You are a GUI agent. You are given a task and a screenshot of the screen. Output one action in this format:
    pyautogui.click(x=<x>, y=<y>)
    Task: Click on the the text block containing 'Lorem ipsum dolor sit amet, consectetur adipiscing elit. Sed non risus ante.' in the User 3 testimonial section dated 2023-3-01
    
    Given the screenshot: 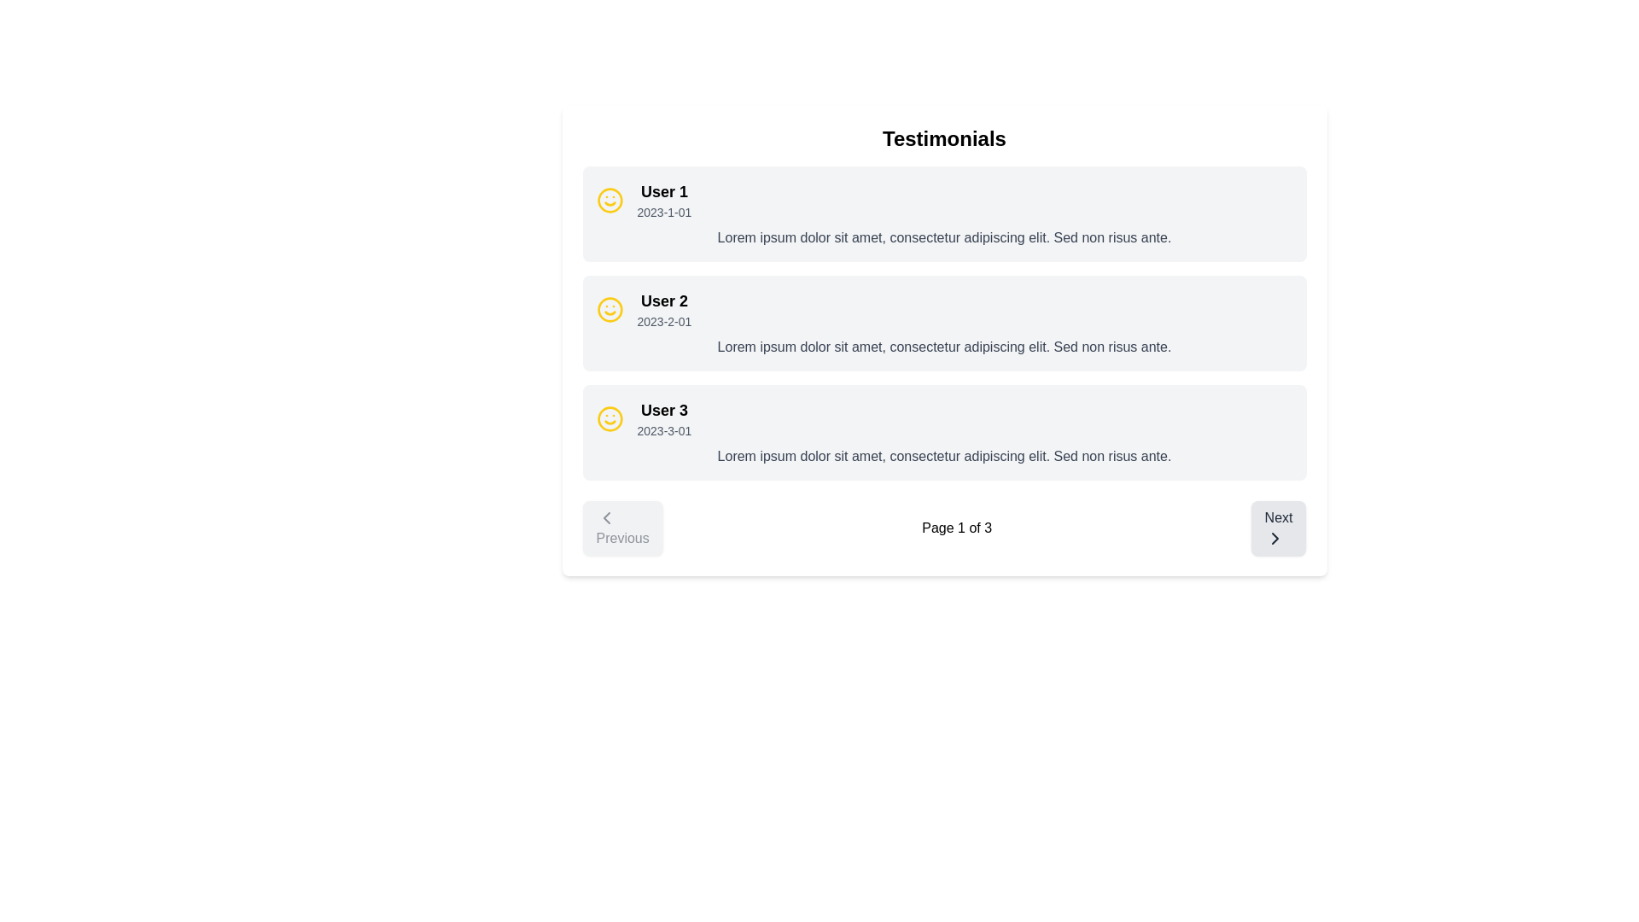 What is the action you would take?
    pyautogui.click(x=943, y=456)
    